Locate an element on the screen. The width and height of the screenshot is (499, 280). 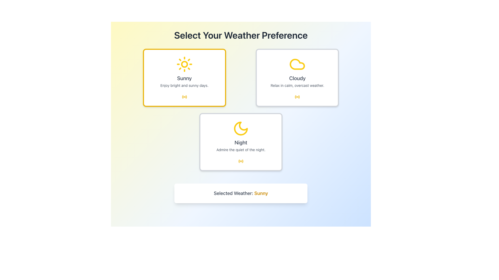
the Static Display Label that shows 'Selected Weather: Sunny', prominently styled with a white background and yellow-highlighted text is located at coordinates (240, 193).